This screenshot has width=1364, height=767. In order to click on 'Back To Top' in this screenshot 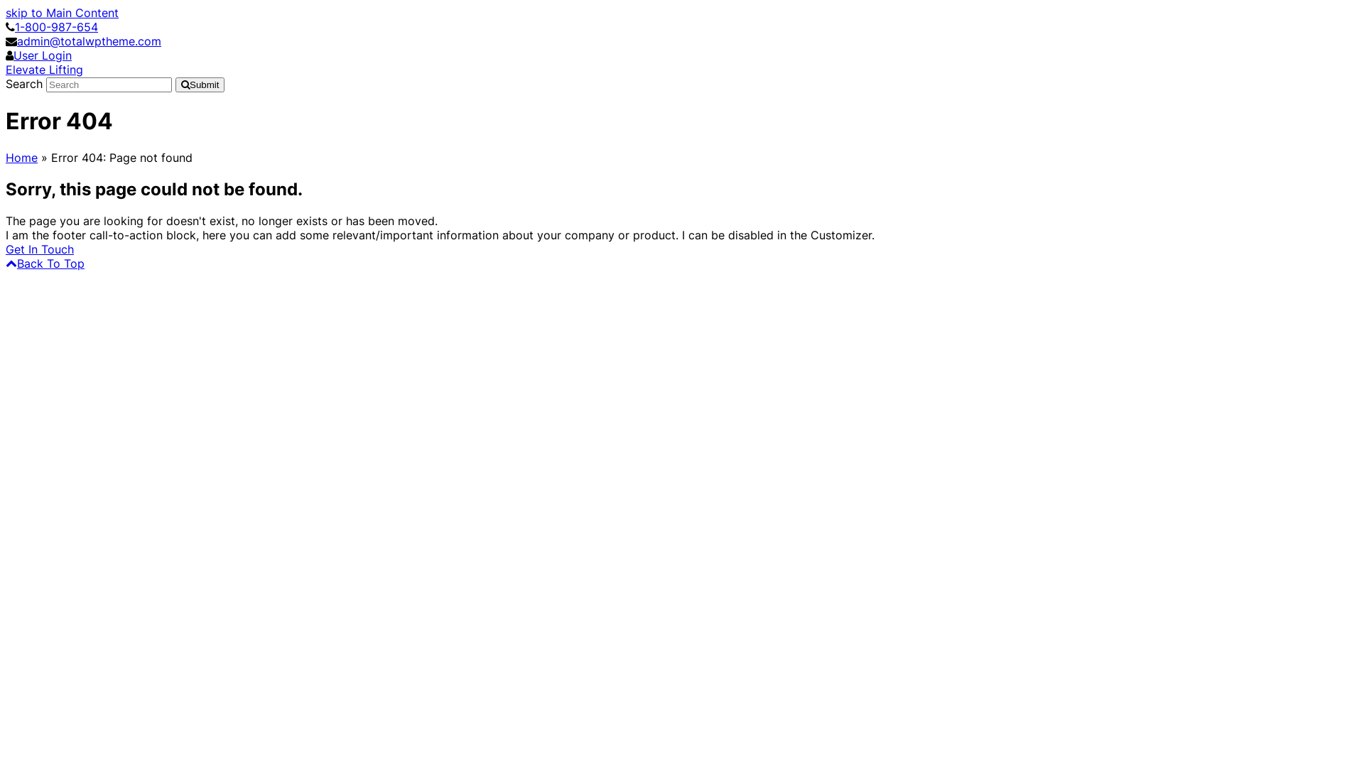, I will do `click(45, 263)`.